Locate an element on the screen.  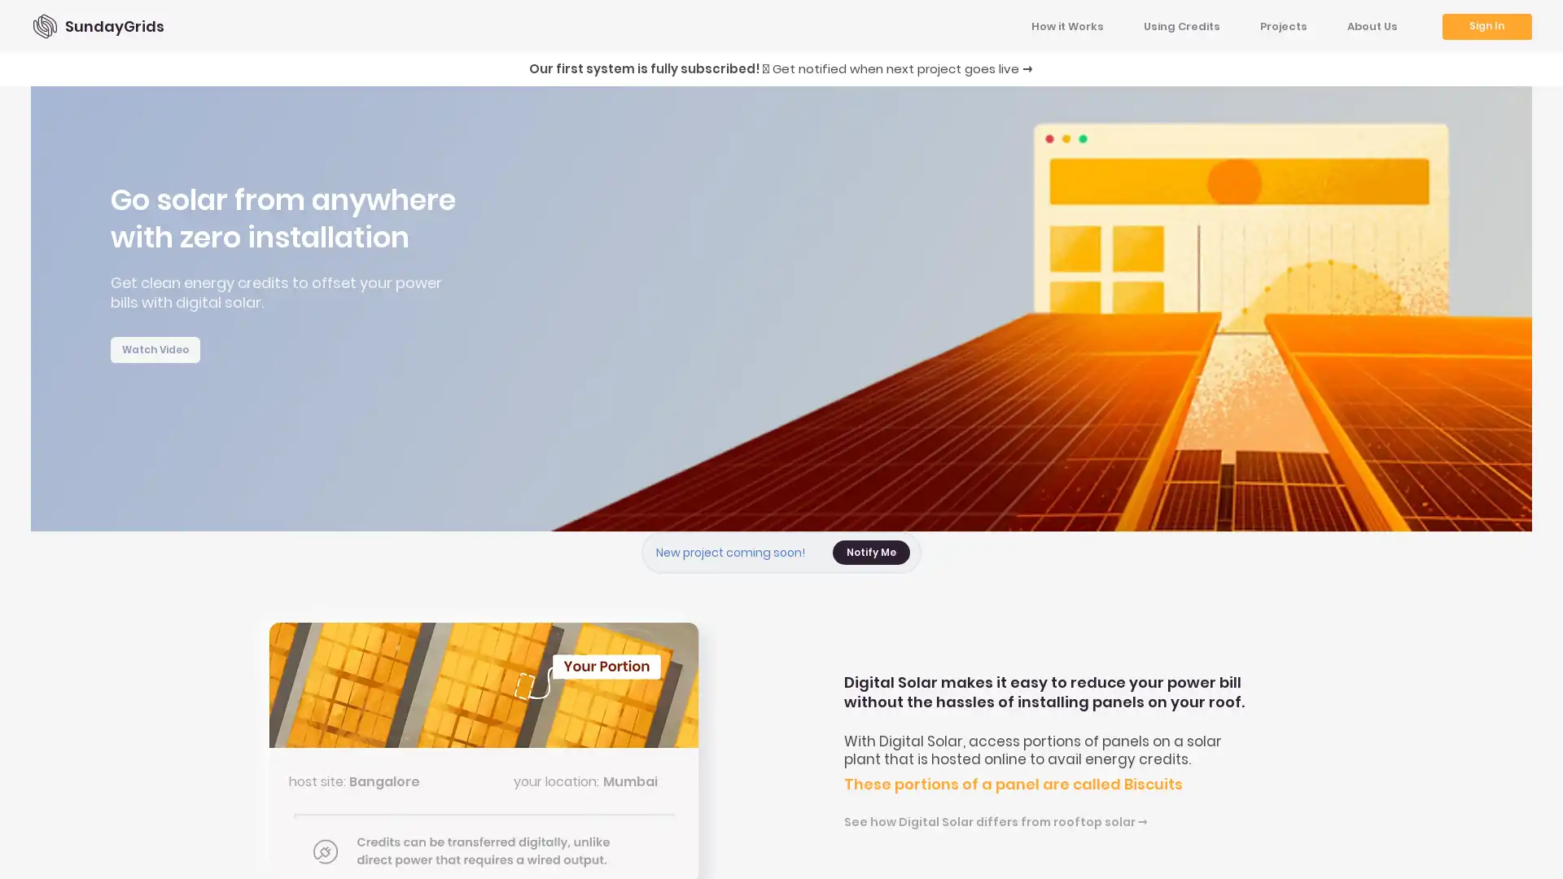
Sign In is located at coordinates (1486, 25).